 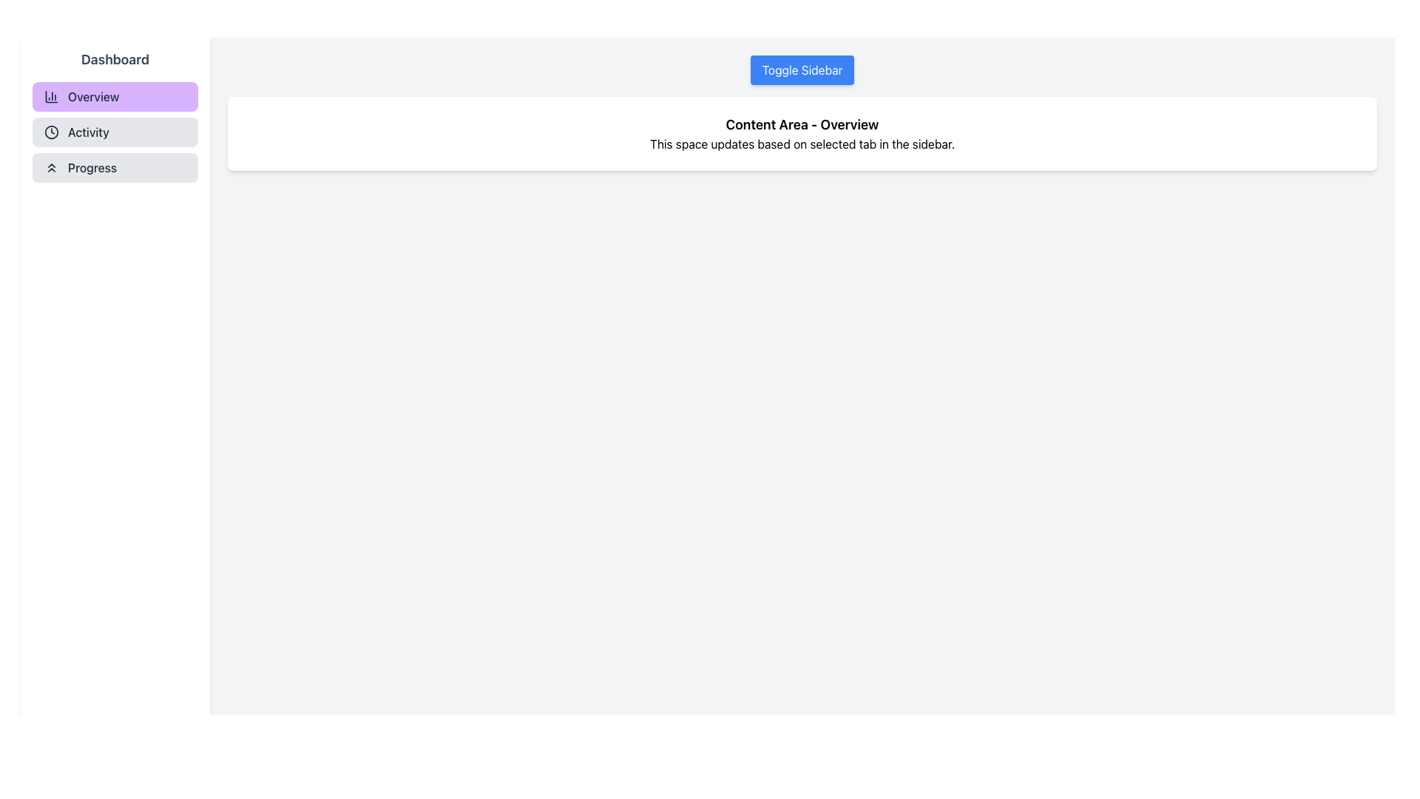 I want to click on the Descriptive Text element that reads 'This space updates based on selected tab in the sidebar.', which is located beneath the heading 'Content Area - Overview', so click(x=801, y=144).